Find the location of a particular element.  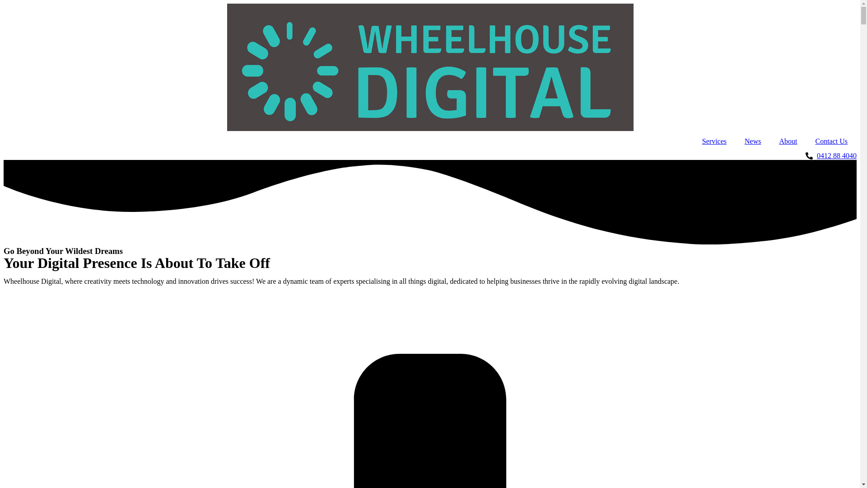

'Contact Us' is located at coordinates (831, 141).